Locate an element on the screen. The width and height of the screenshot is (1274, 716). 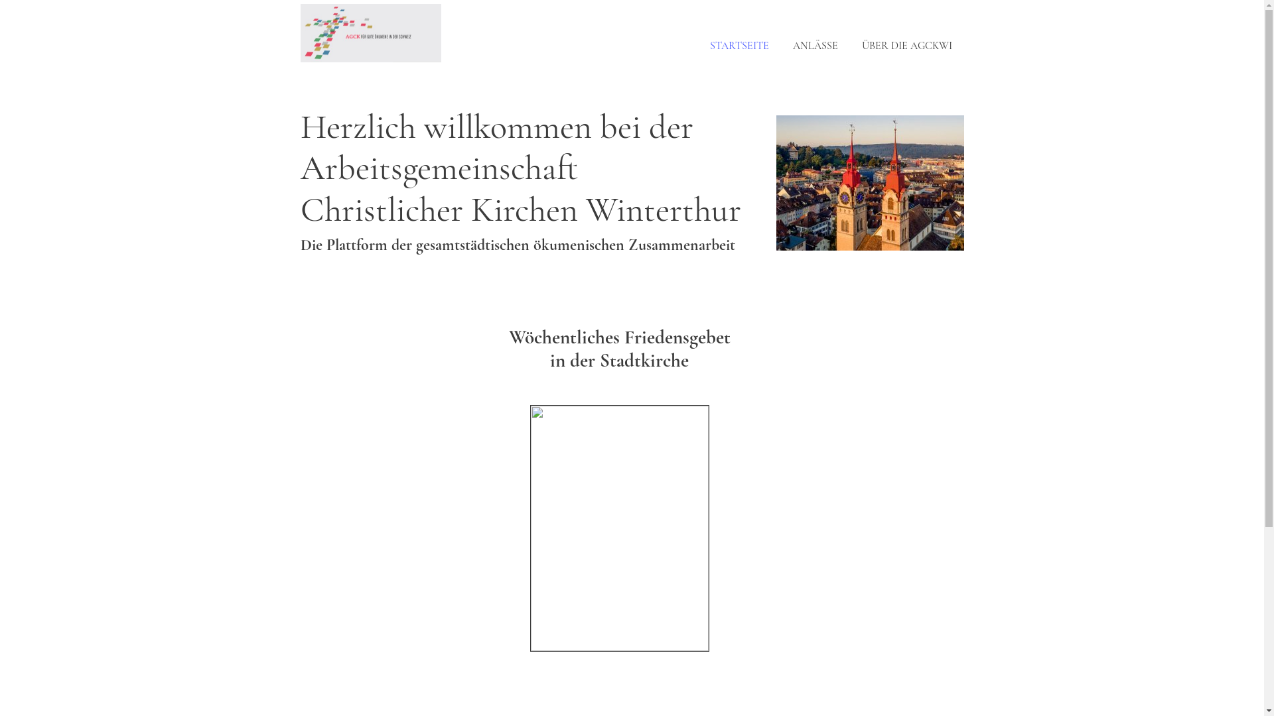
'STARTSEITE' is located at coordinates (739, 45).